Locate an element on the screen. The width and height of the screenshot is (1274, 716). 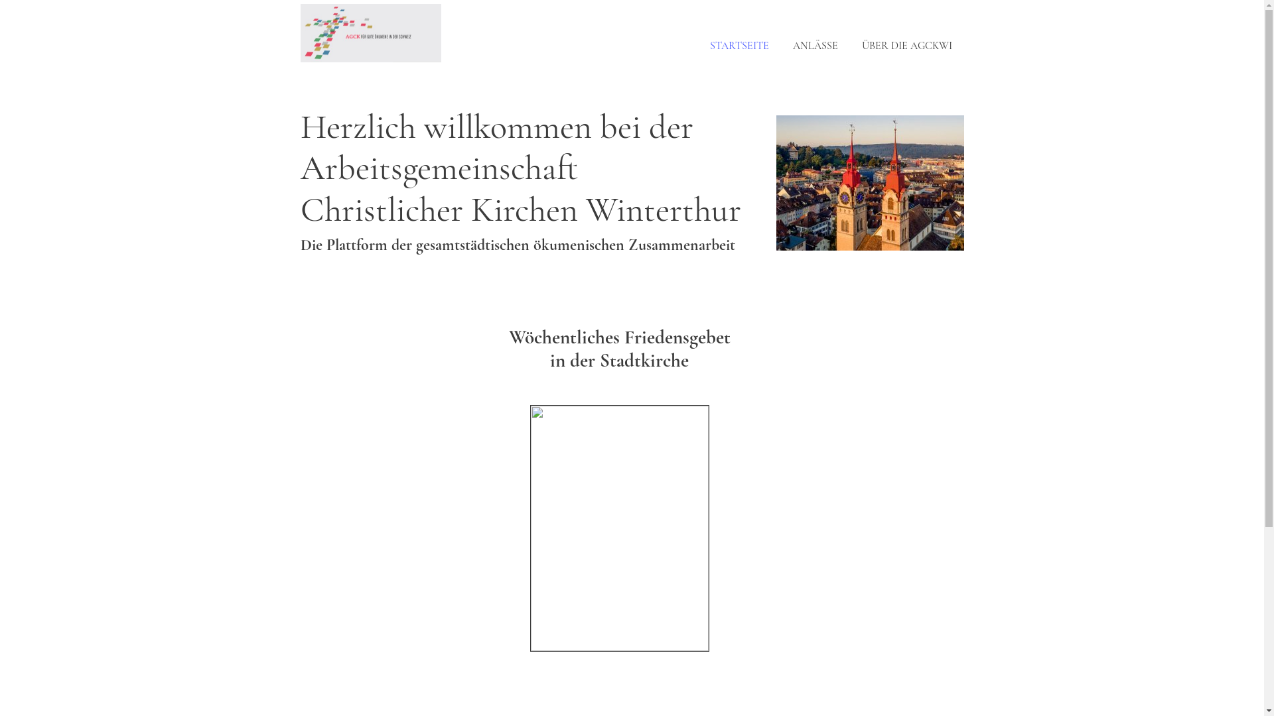
'STARTSEITE' is located at coordinates (739, 45).